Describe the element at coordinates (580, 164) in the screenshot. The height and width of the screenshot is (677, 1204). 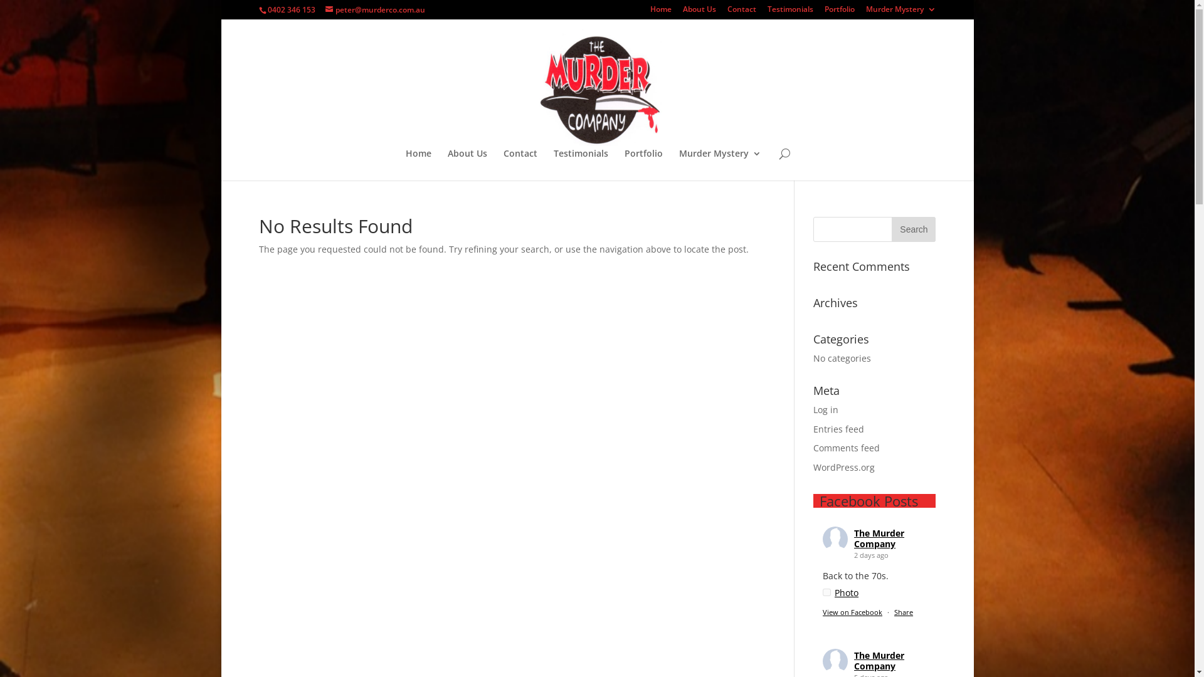
I see `'Testimonials'` at that location.